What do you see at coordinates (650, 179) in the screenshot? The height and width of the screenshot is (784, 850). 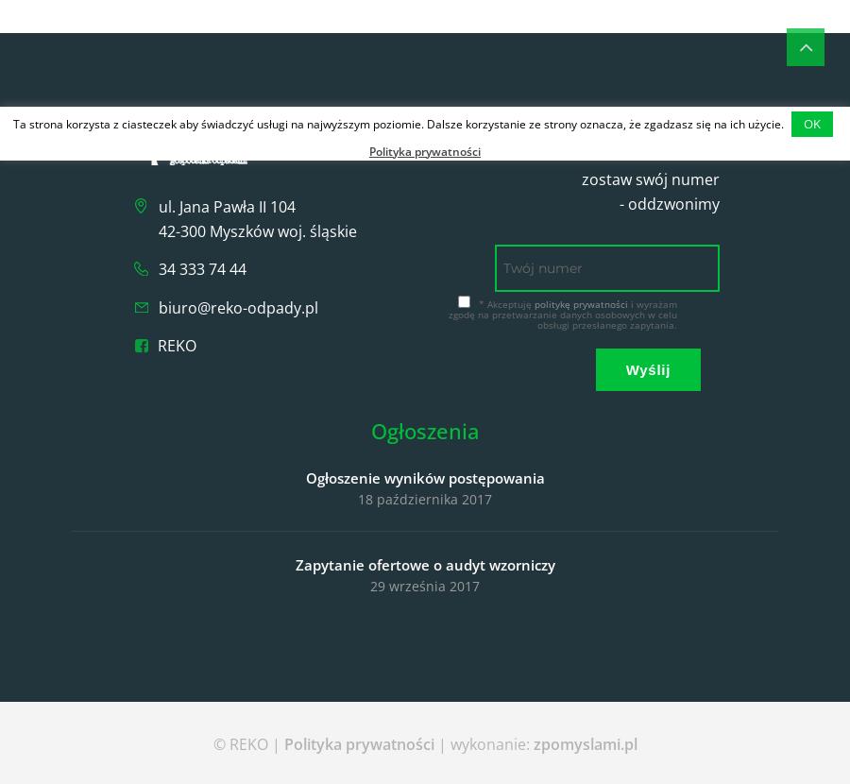 I see `'zostaw swój numer'` at bounding box center [650, 179].